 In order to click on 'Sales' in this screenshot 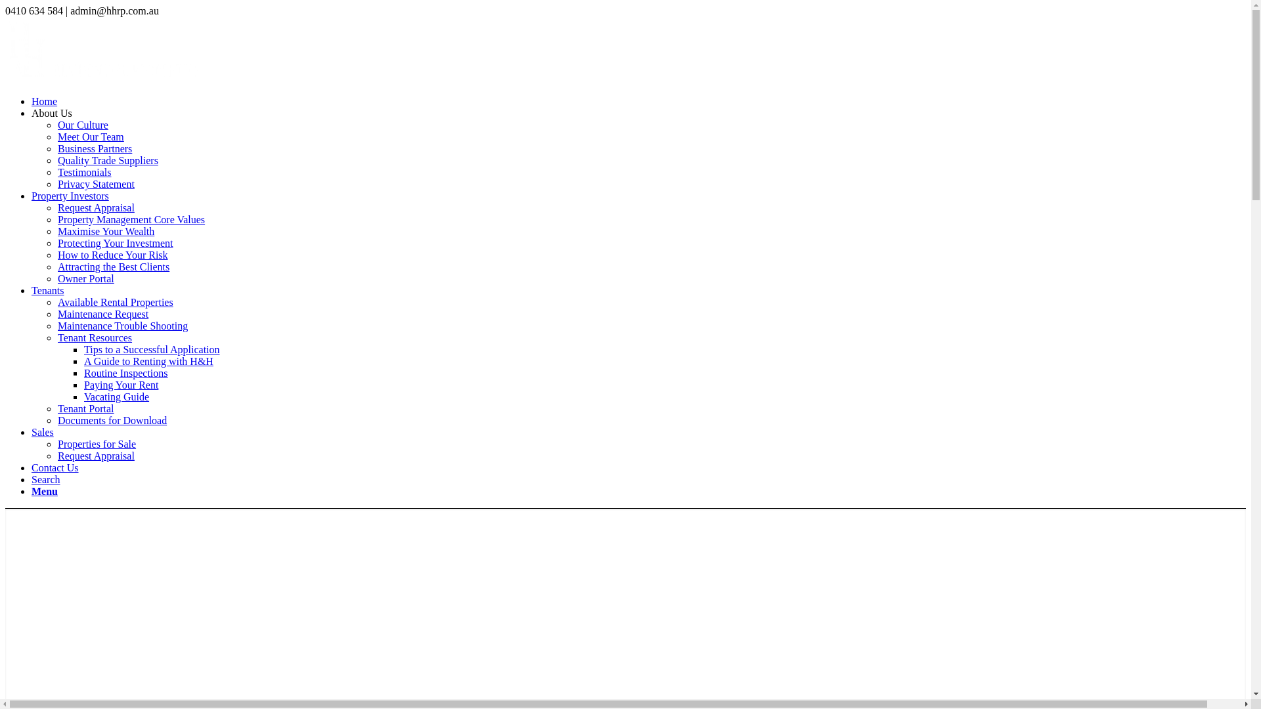, I will do `click(43, 432)`.